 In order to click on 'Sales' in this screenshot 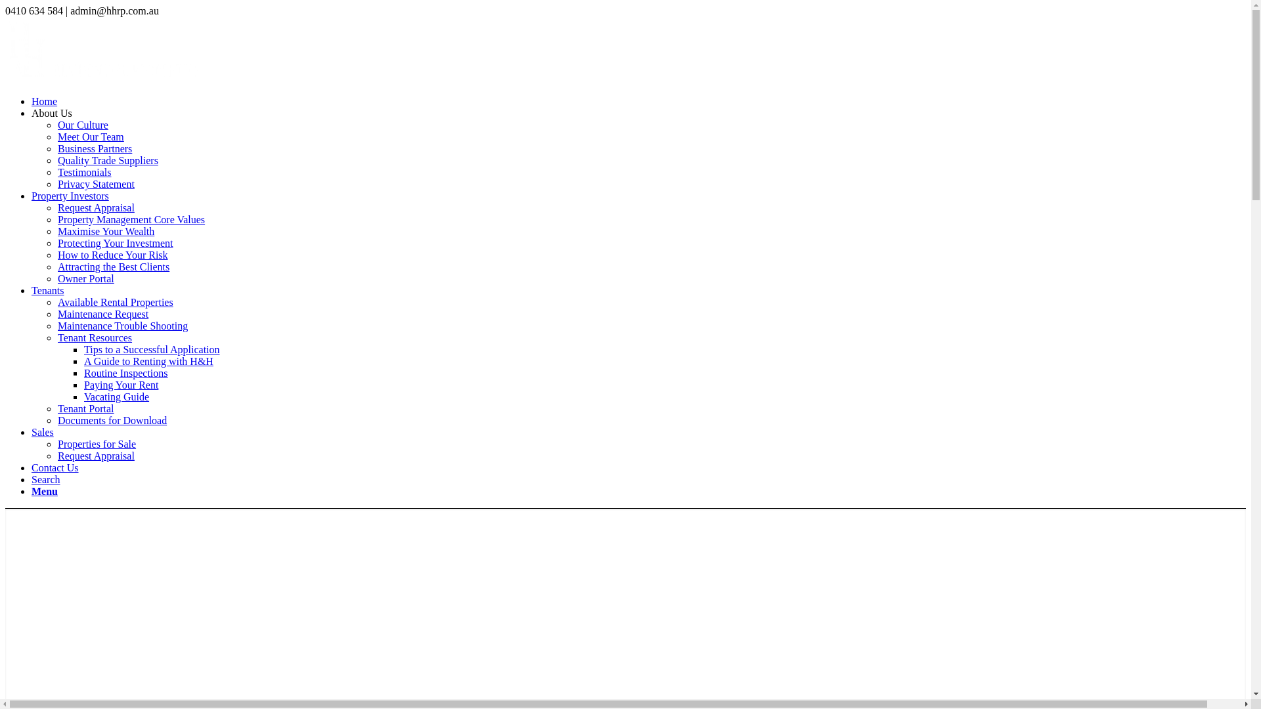, I will do `click(43, 432)`.